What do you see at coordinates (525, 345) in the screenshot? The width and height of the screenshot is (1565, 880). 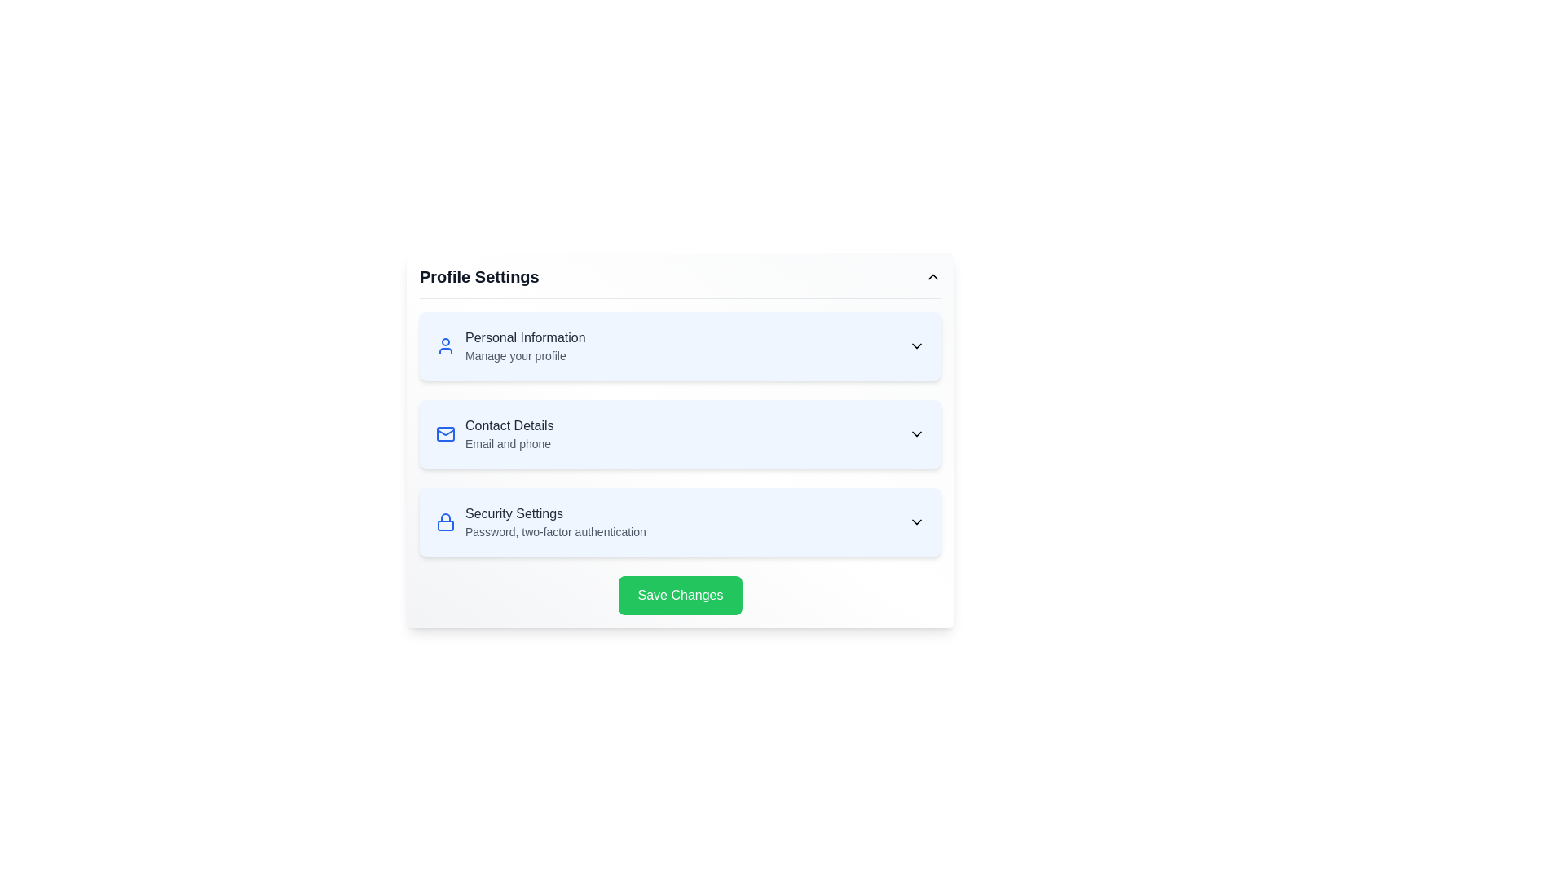 I see `the 'Personal Information' header text` at bounding box center [525, 345].